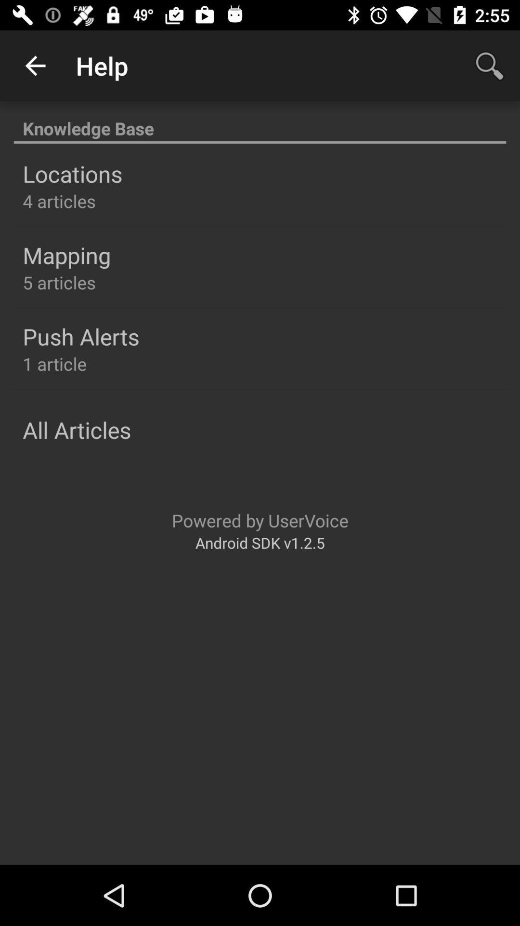 Image resolution: width=520 pixels, height=926 pixels. What do you see at coordinates (260, 520) in the screenshot?
I see `powered by uservoice item` at bounding box center [260, 520].